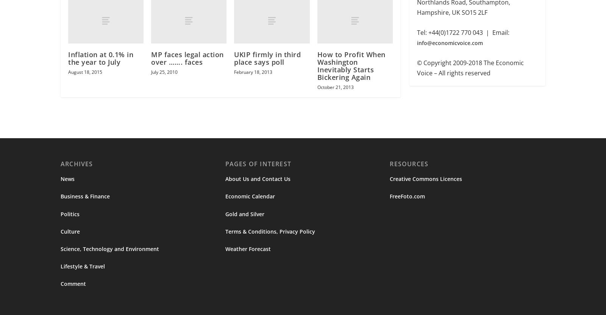 The image size is (606, 315). Describe the element at coordinates (258, 179) in the screenshot. I see `'About Us and Contact Us'` at that location.